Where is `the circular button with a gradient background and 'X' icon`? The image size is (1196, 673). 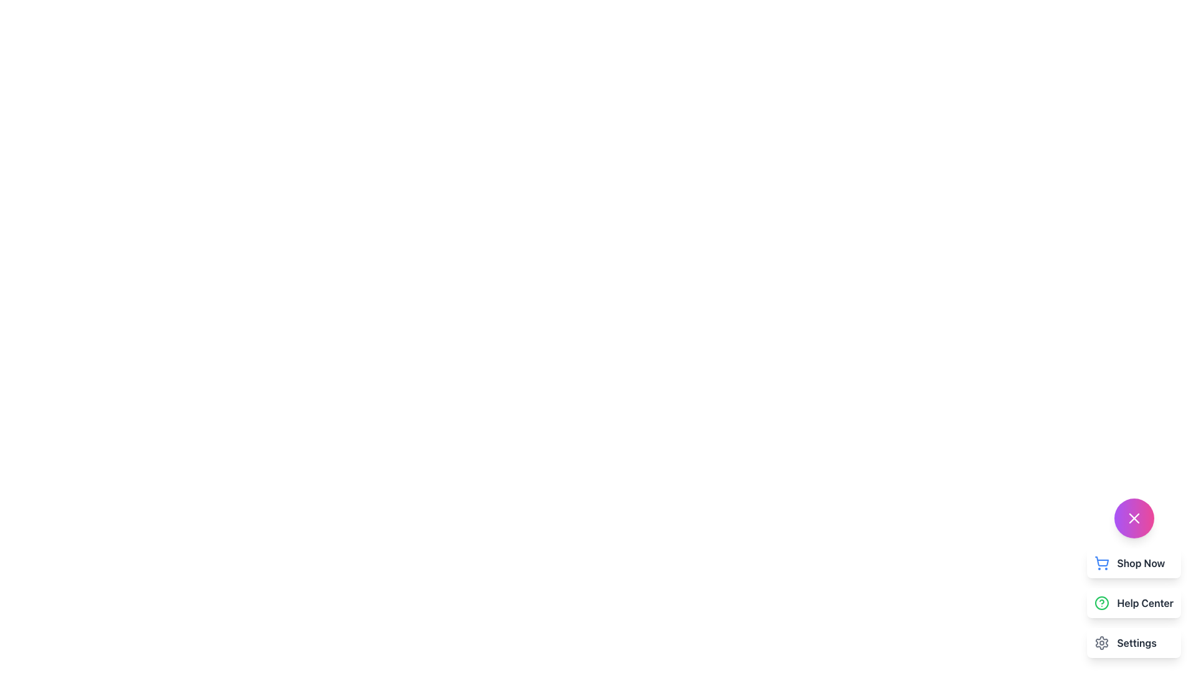 the circular button with a gradient background and 'X' icon is located at coordinates (1134, 518).